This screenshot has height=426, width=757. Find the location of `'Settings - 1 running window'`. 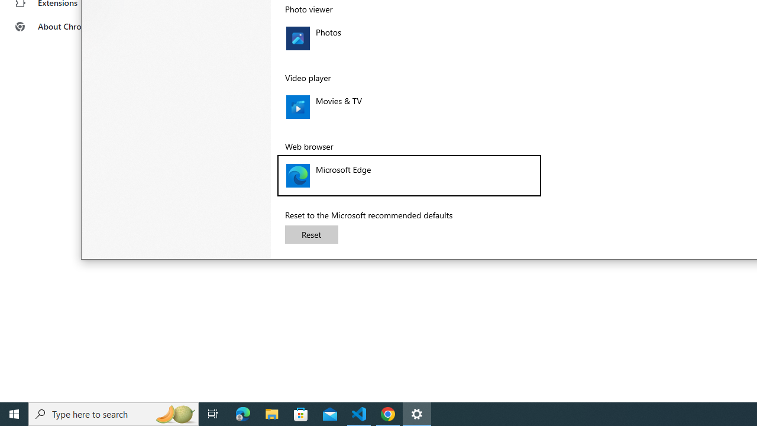

'Settings - 1 running window' is located at coordinates (417, 413).